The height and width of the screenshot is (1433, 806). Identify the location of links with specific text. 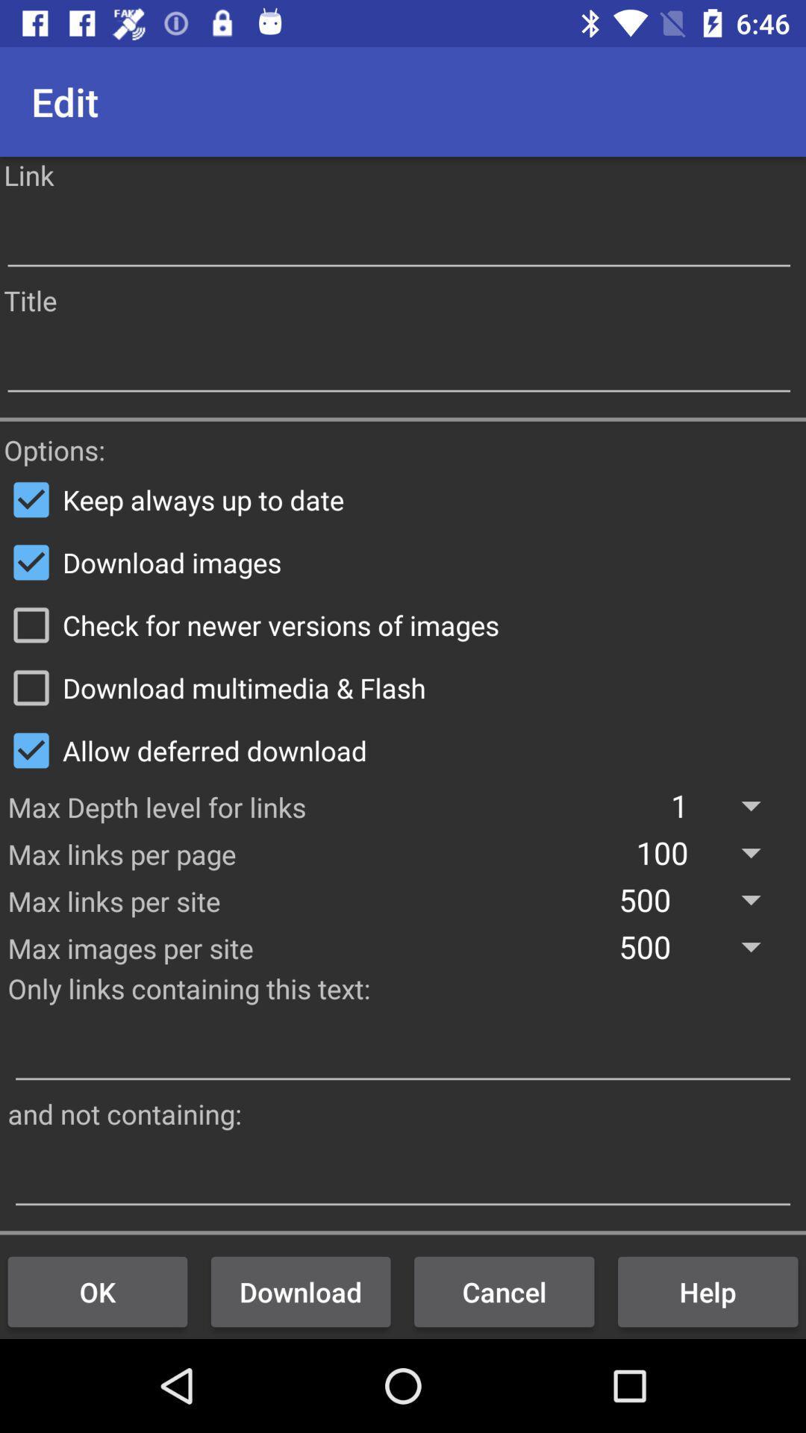
(403, 1050).